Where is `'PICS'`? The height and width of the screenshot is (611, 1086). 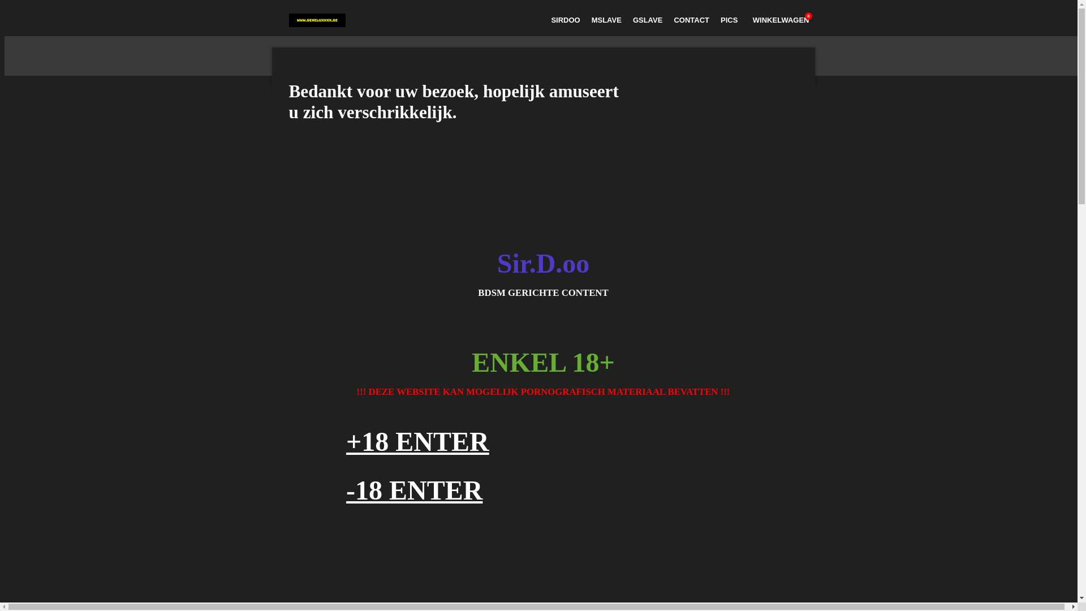 'PICS' is located at coordinates (714, 20).